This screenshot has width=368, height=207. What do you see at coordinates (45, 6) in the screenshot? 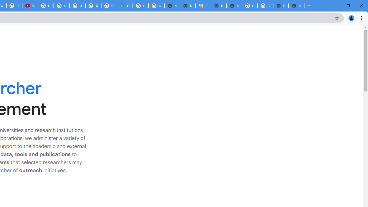
I see `'How Chrome protects your passwords - Google Chrome Help'` at bounding box center [45, 6].